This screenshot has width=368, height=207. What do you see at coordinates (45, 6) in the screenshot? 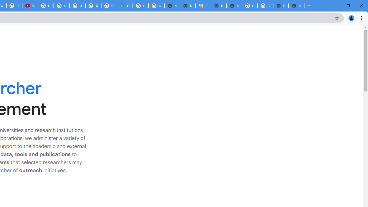
I see `'How Chrome protects your passwords - Google Chrome Help'` at bounding box center [45, 6].